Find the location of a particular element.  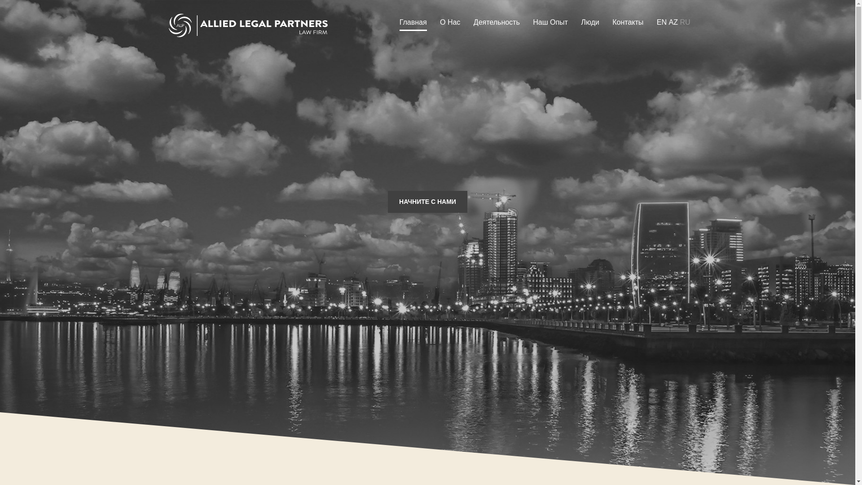

'AZ' is located at coordinates (673, 22).